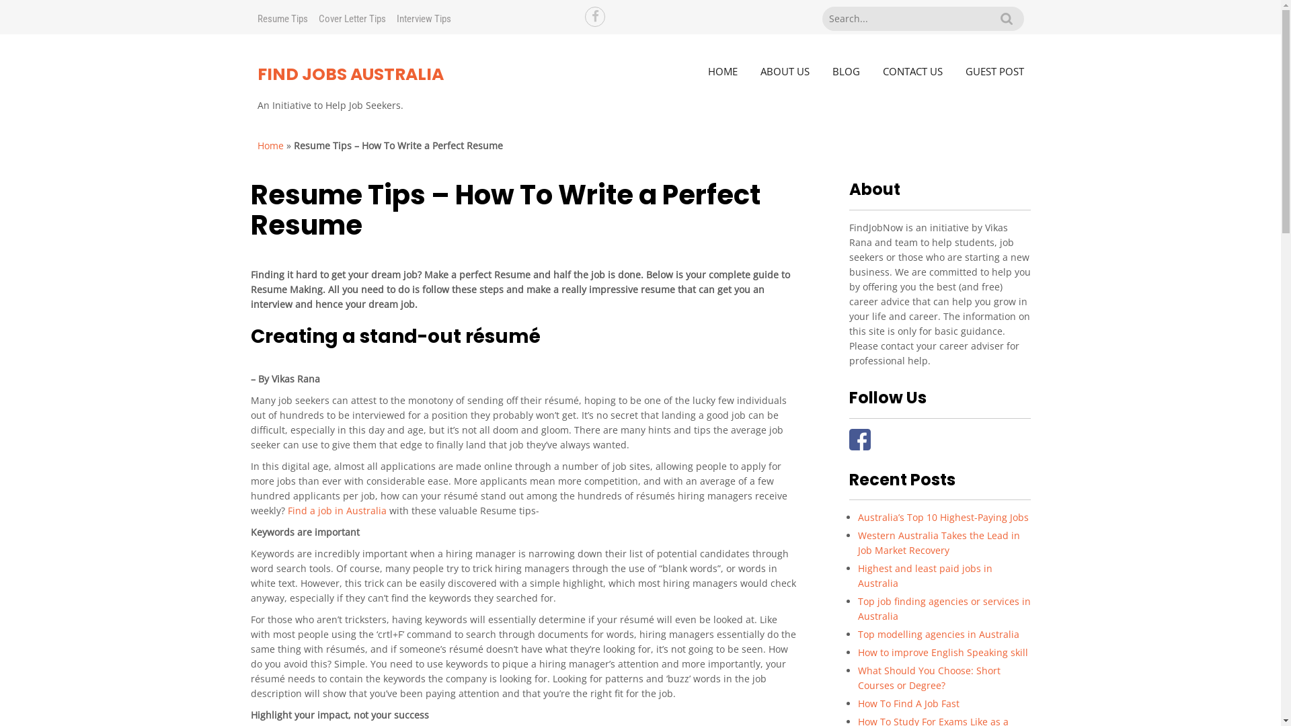 This screenshot has width=1291, height=726. I want to click on 'Cover Letter Tips', so click(352, 18).